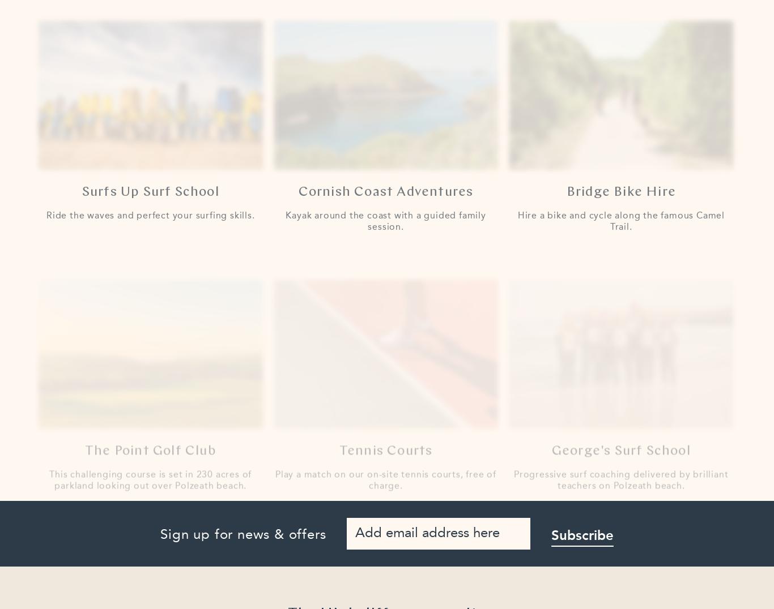  Describe the element at coordinates (385, 427) in the screenshot. I see `'Tennis Courts'` at that location.